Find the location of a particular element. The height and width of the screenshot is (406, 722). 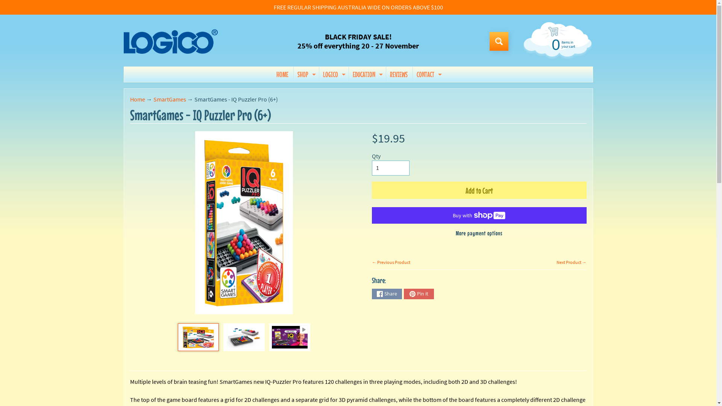

'Pin it' is located at coordinates (418, 294).